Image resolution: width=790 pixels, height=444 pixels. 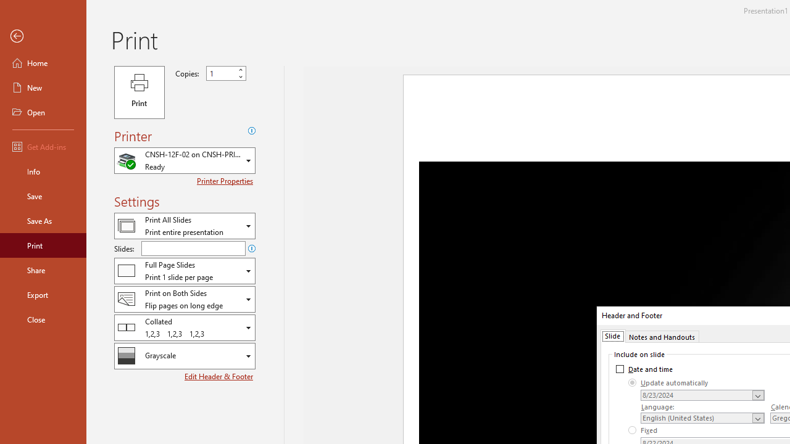 I want to click on 'Color/Grayscale', so click(x=184, y=356).